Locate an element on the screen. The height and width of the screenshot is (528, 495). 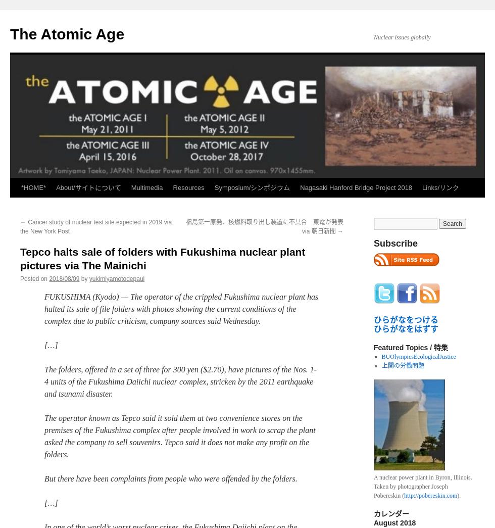
'But there have been complaints from people who were offended by the folders.' is located at coordinates (44, 477).